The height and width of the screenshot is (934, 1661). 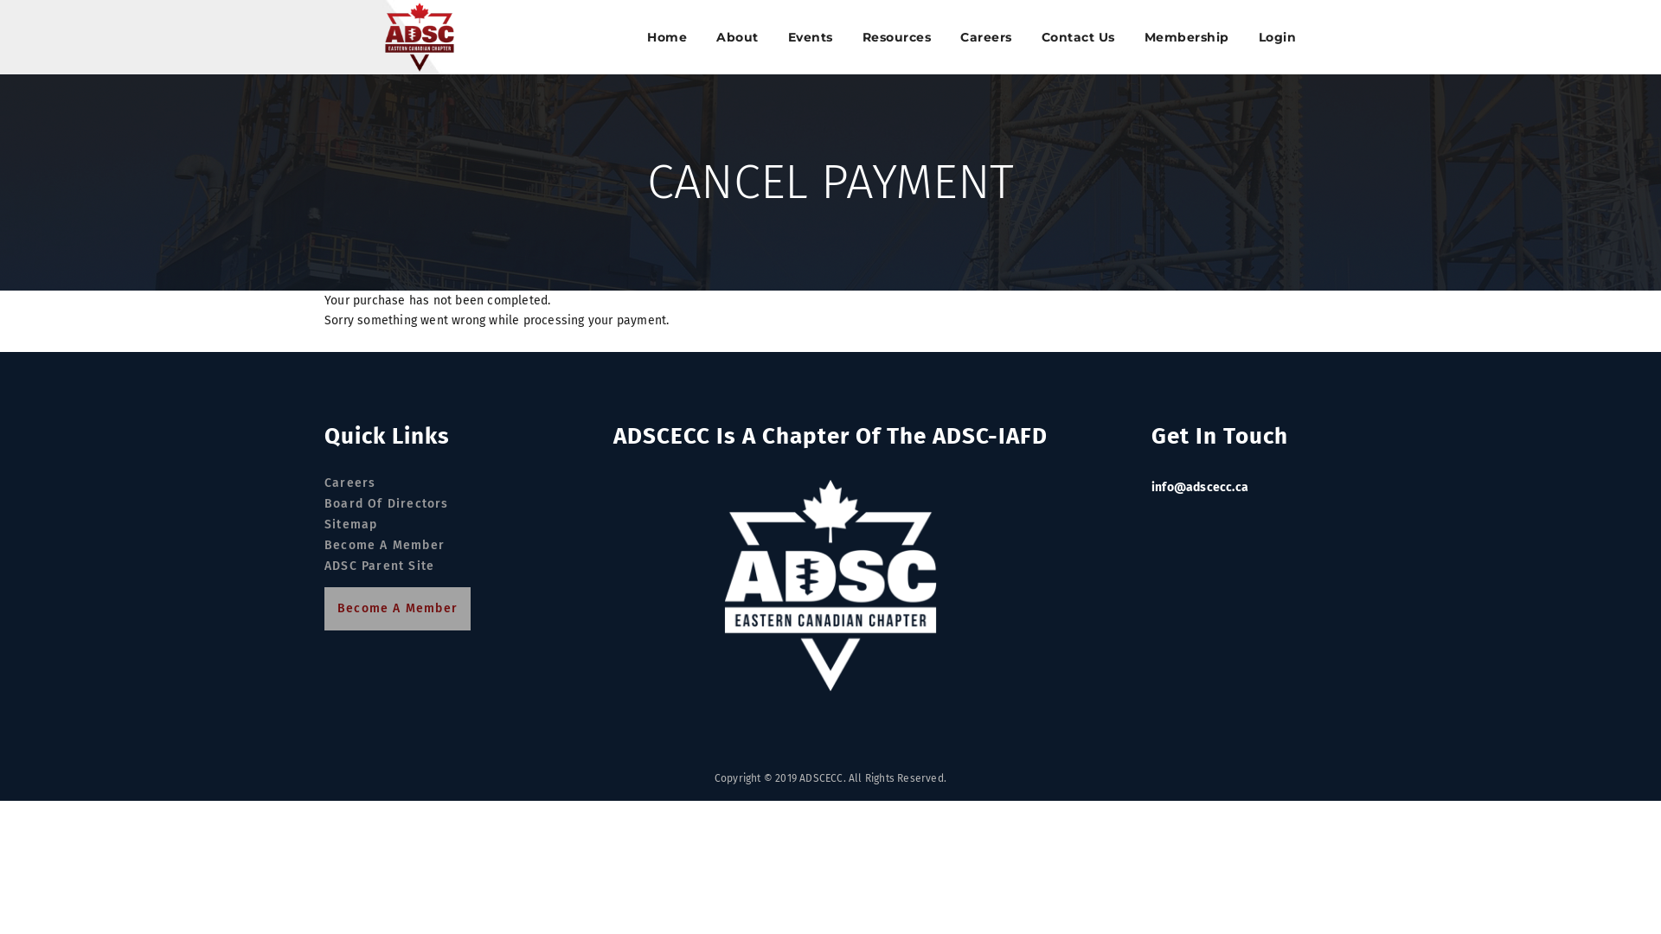 What do you see at coordinates (896, 36) in the screenshot?
I see `'Resources'` at bounding box center [896, 36].